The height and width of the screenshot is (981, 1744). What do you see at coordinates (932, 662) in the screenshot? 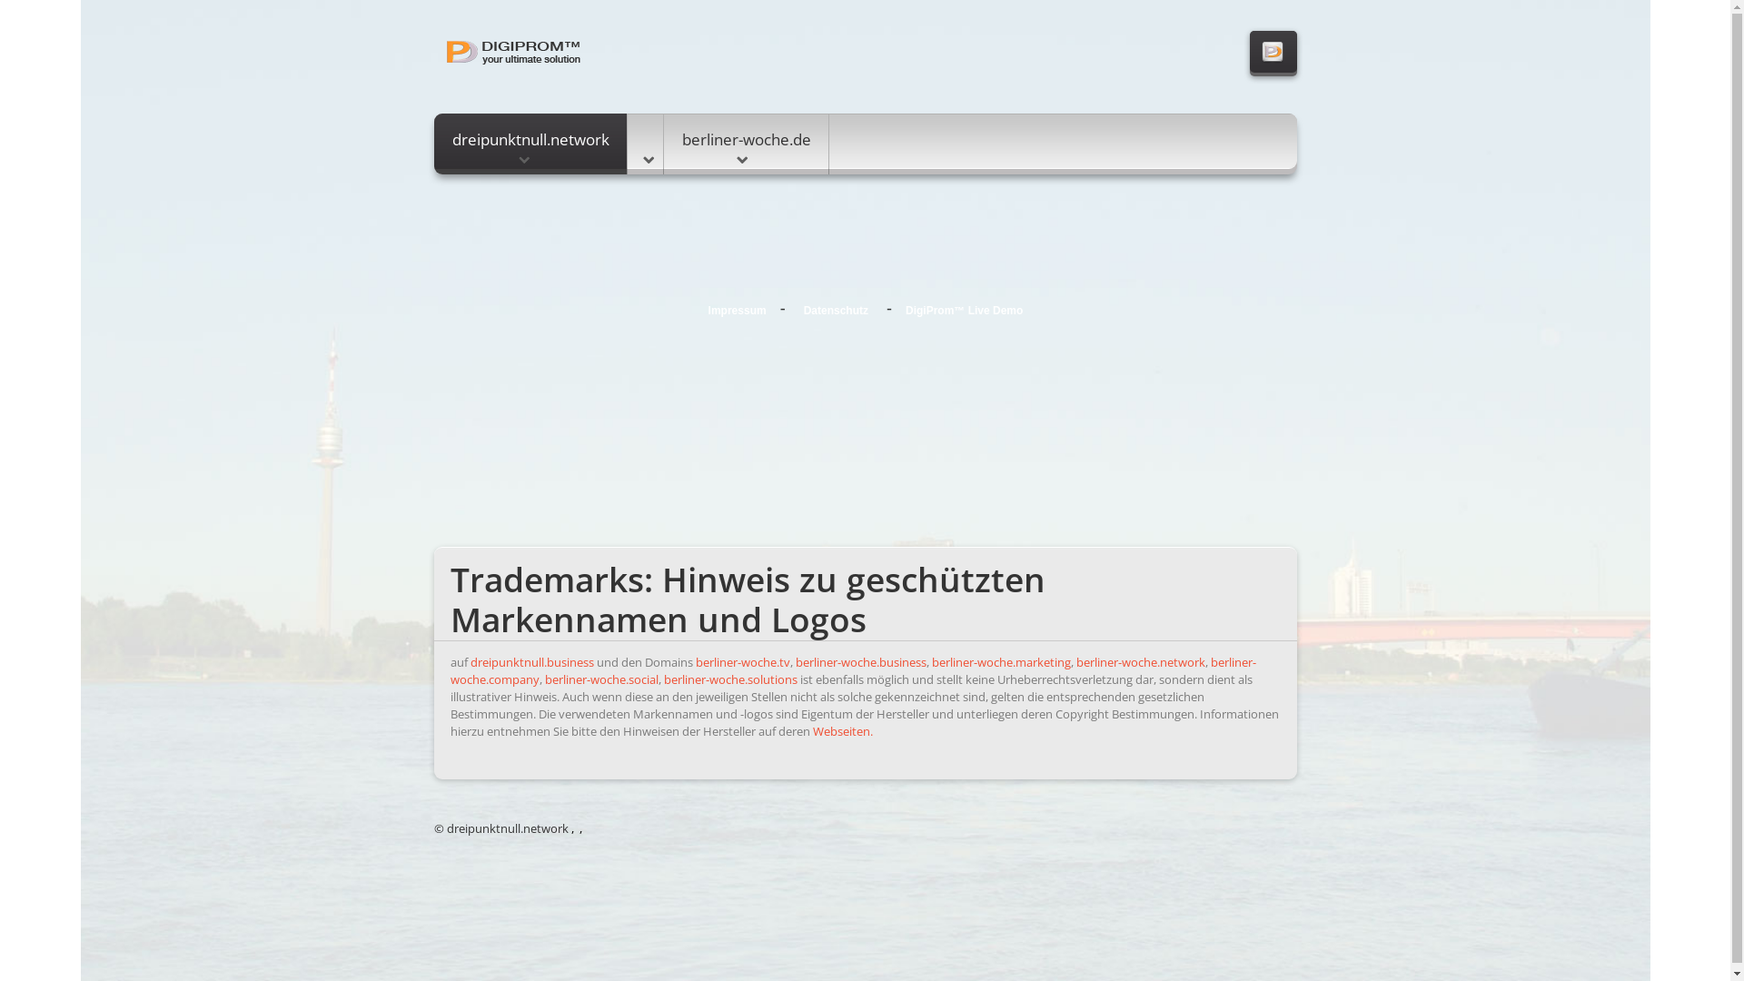
I see `'berliner-woche.marketing'` at bounding box center [932, 662].